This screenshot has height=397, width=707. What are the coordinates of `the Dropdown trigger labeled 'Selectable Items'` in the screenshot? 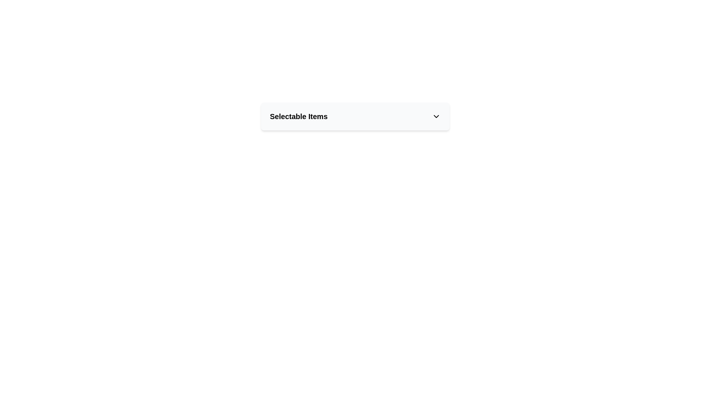 It's located at (355, 116).